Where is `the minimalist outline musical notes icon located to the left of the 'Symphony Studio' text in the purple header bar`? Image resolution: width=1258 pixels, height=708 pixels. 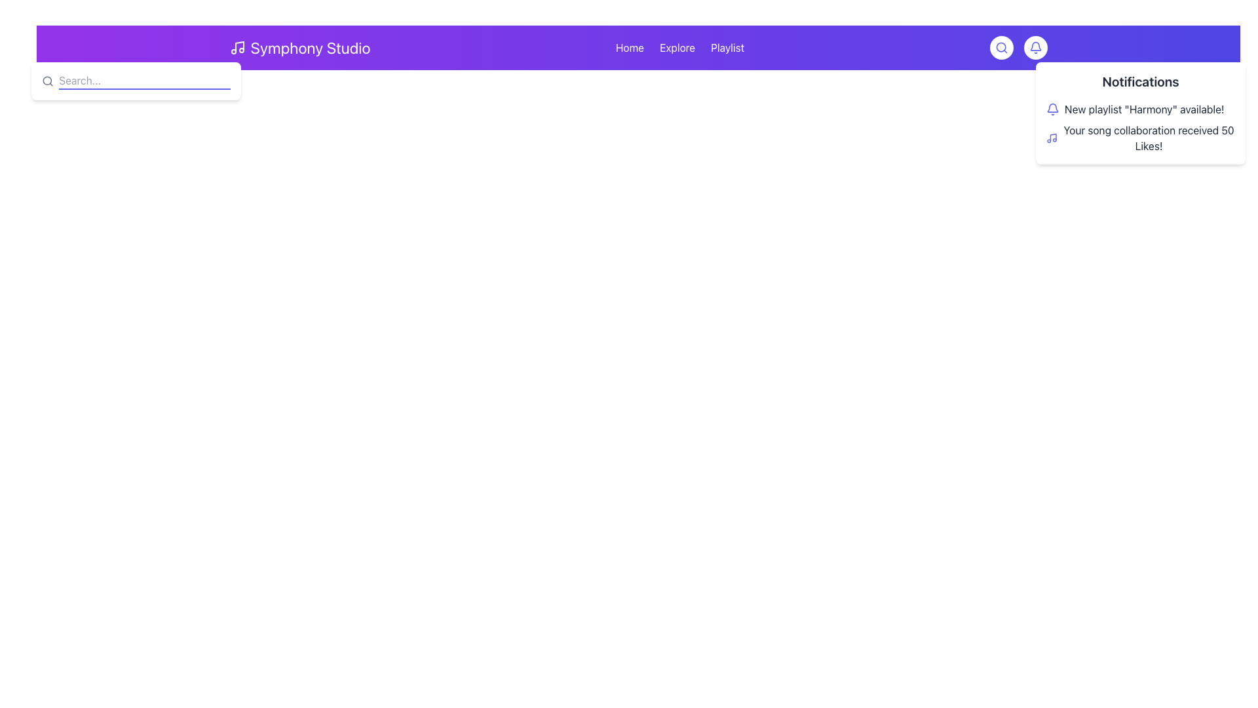 the minimalist outline musical notes icon located to the left of the 'Symphony Studio' text in the purple header bar is located at coordinates (237, 47).